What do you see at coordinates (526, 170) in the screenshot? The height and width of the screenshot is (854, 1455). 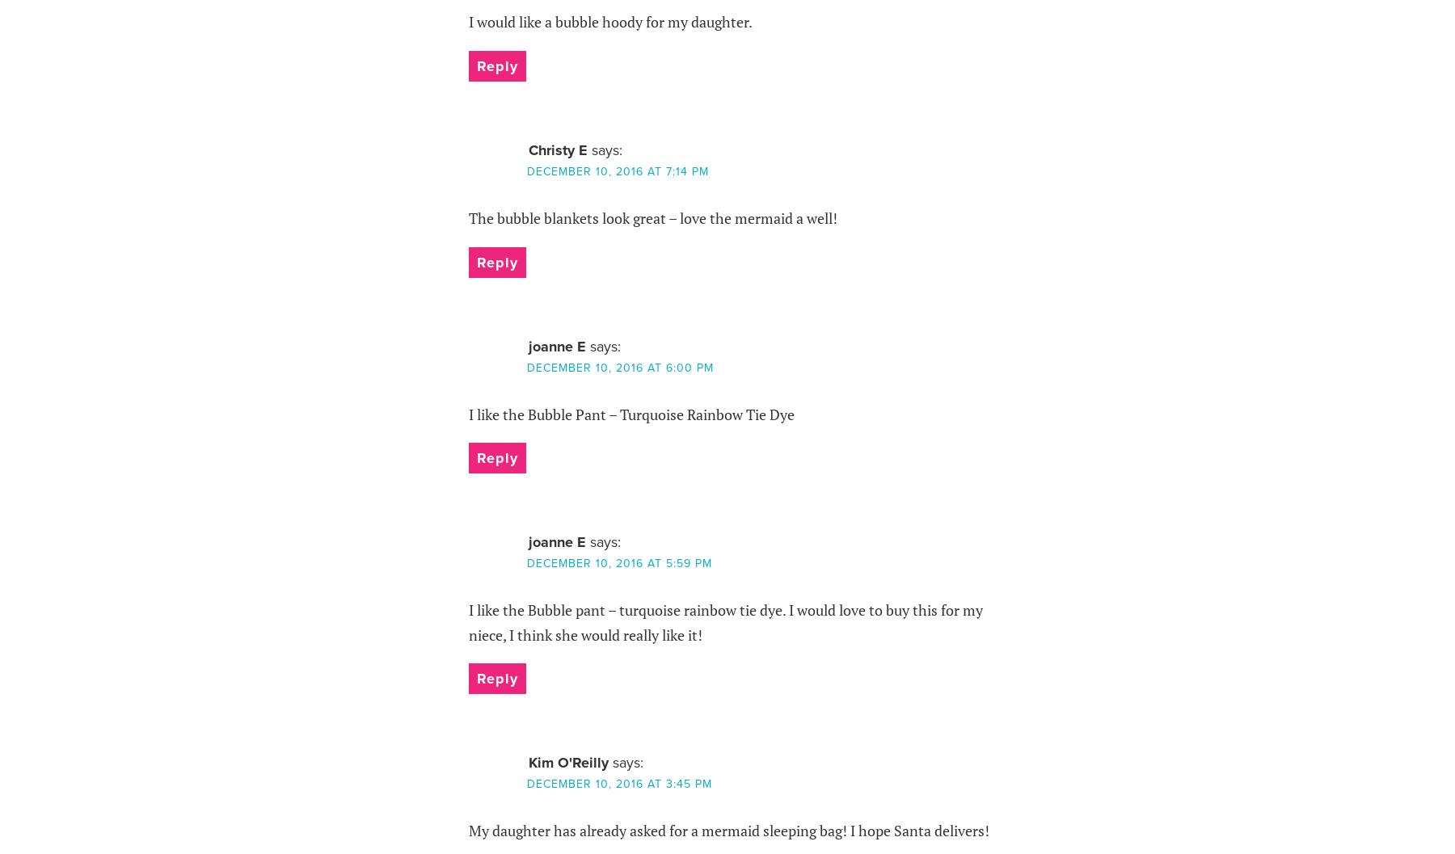 I see `'December 10, 2016 at 7:14 pm'` at bounding box center [526, 170].